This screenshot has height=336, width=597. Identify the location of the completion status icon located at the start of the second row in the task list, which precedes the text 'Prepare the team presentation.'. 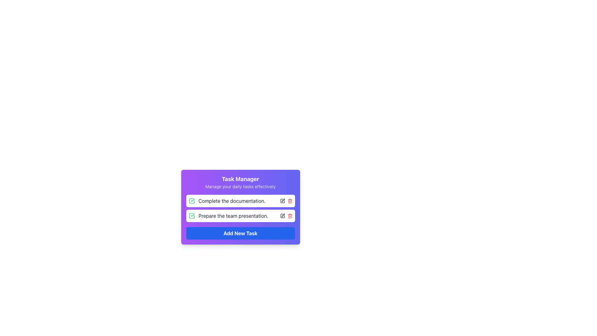
(191, 216).